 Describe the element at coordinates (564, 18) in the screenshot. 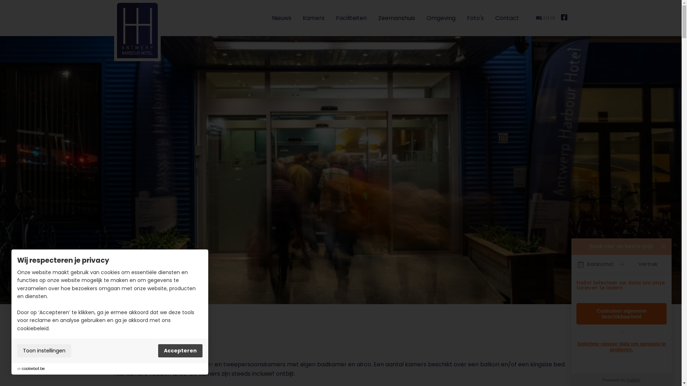

I see `'Facebook'` at that location.